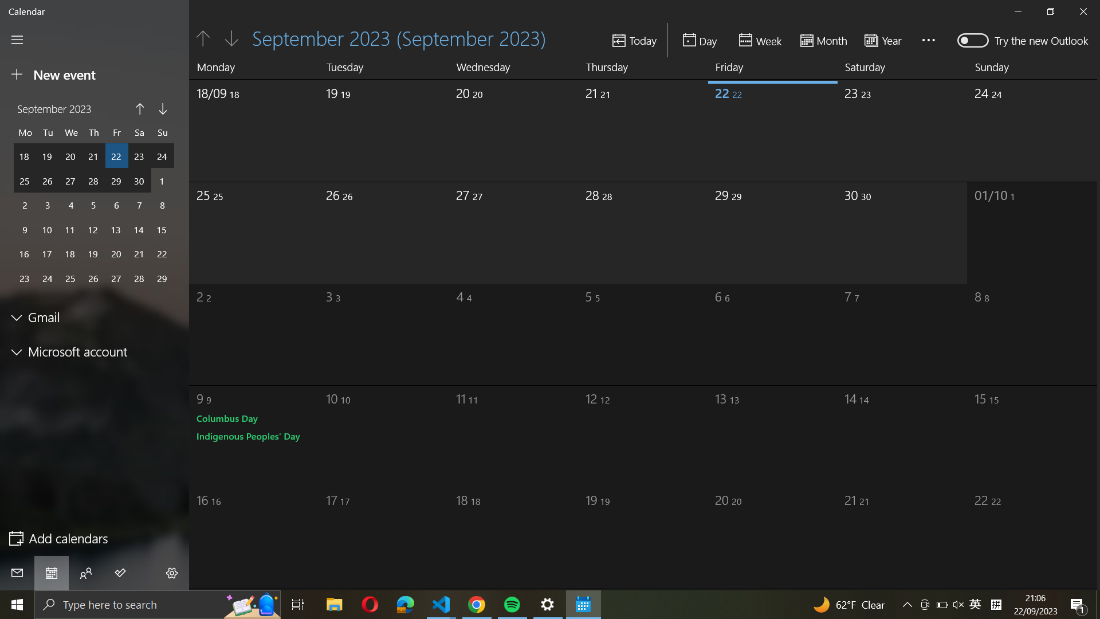 The height and width of the screenshot is (619, 1100). What do you see at coordinates (903, 126) in the screenshot?
I see `Pick the 30th of September` at bounding box center [903, 126].